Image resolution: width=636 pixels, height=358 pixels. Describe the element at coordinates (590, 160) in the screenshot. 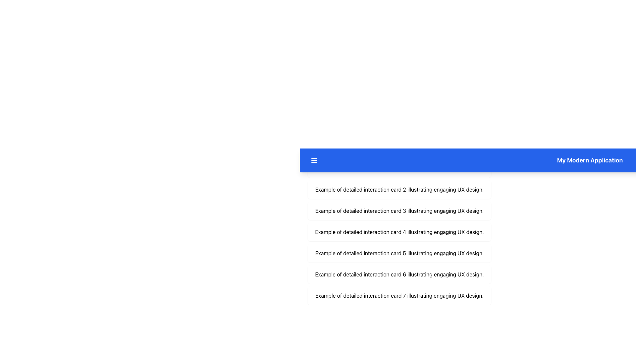

I see `the text label 'My Modern Application' which is styled in bold white text on a blue background, located in the navigation bar towards the right-hand side` at that location.